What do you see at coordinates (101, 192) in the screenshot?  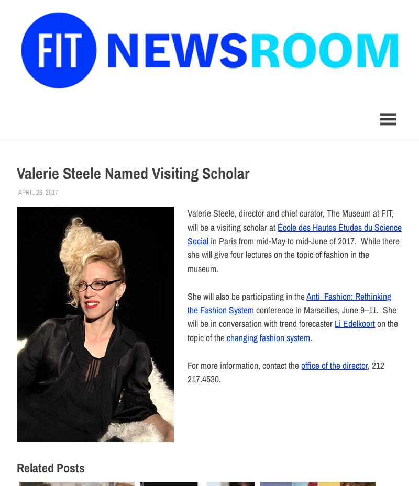 I see `','` at bounding box center [101, 192].